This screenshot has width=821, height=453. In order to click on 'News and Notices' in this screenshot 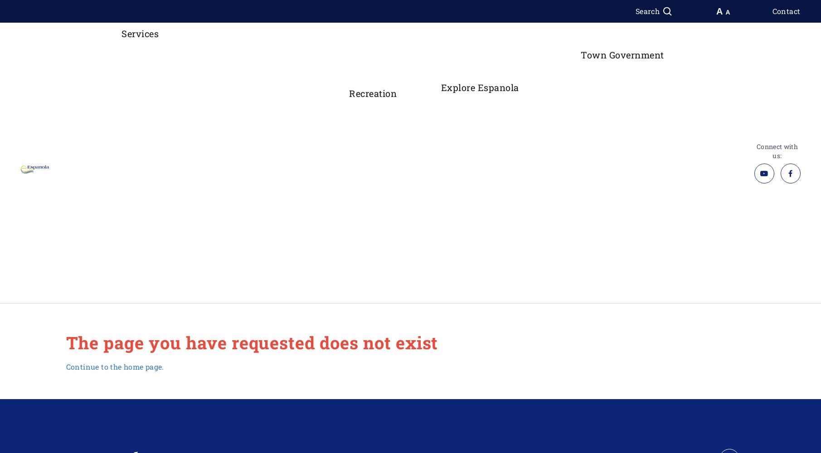, I will do `click(624, 237)`.